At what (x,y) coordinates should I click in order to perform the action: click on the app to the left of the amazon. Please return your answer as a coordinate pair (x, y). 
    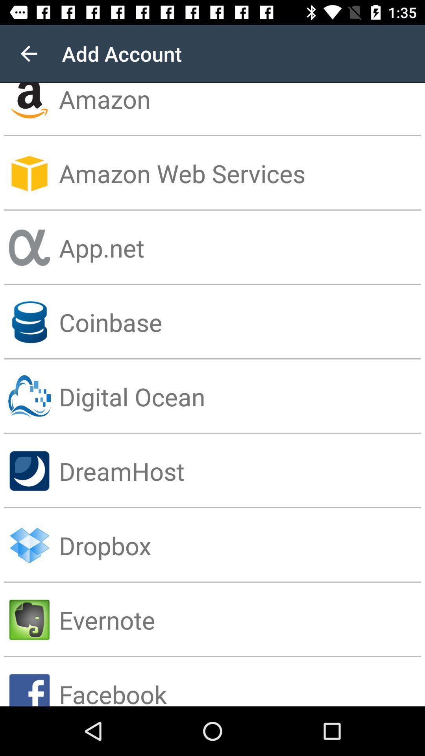
    Looking at the image, I should click on (28, 53).